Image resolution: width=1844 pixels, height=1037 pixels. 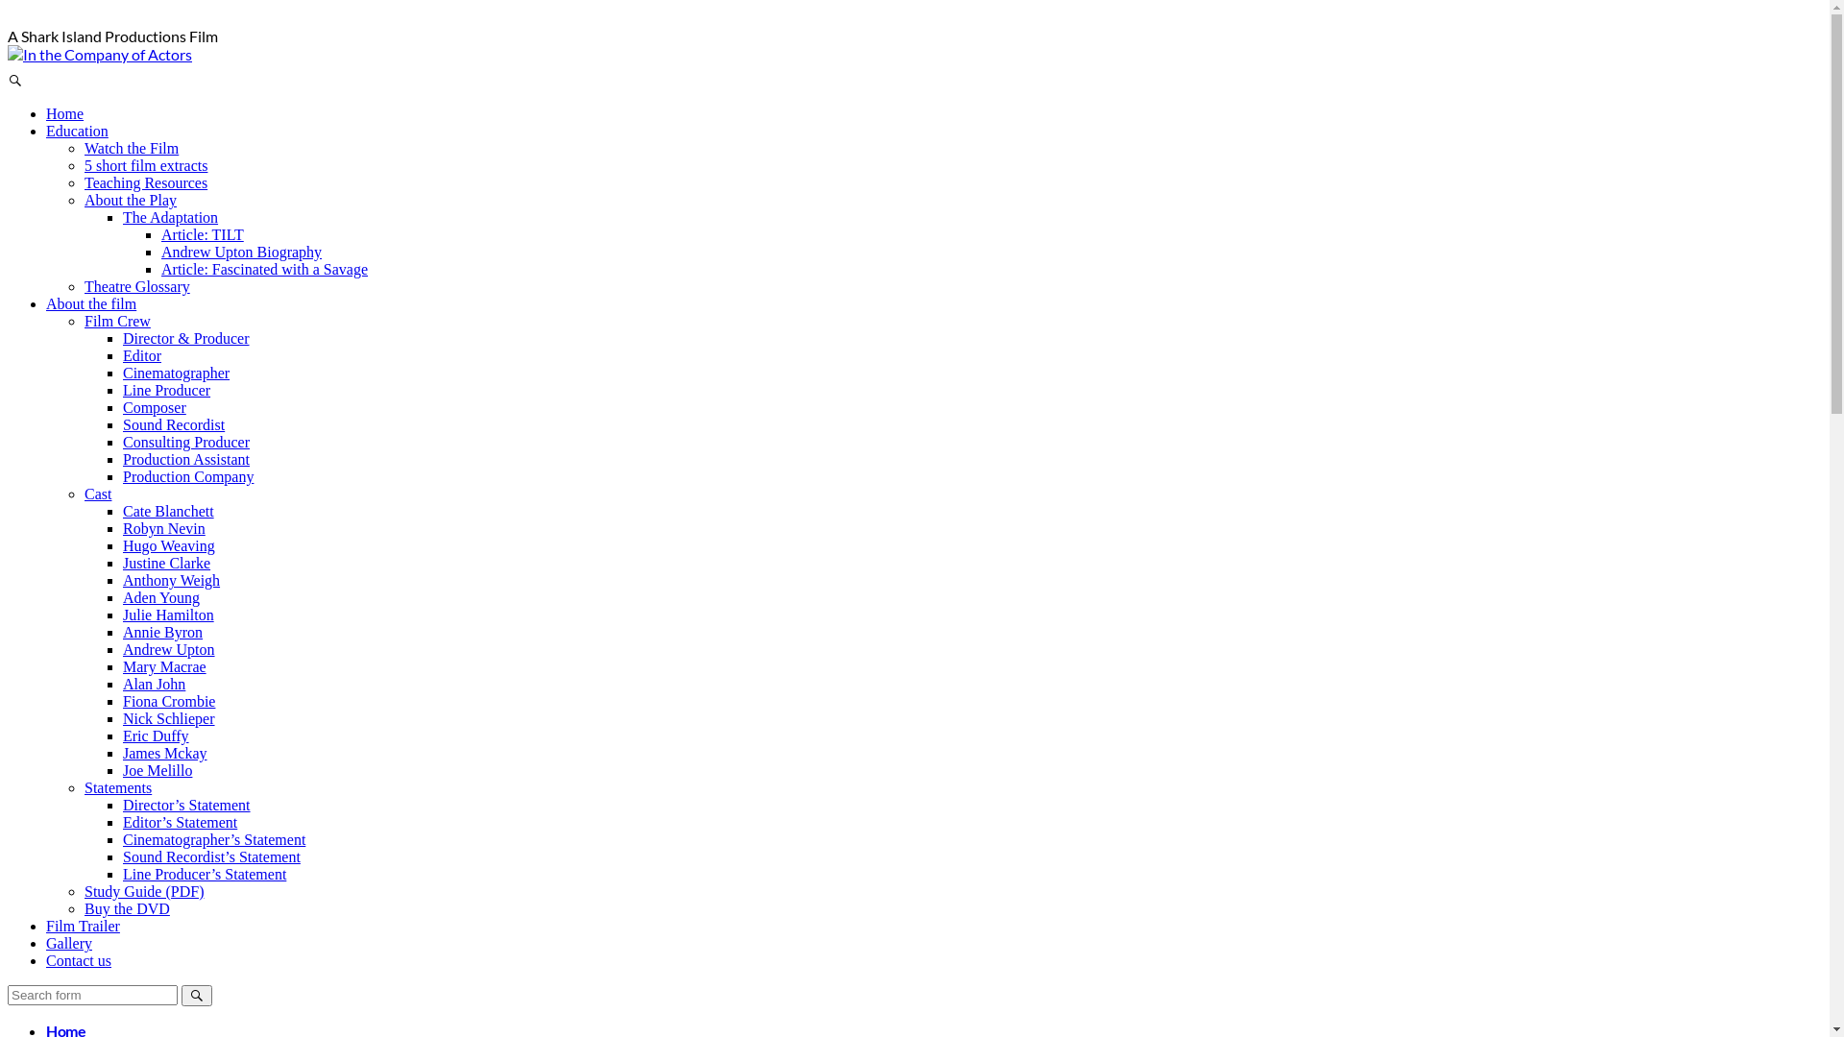 What do you see at coordinates (117, 787) in the screenshot?
I see `'Statements'` at bounding box center [117, 787].